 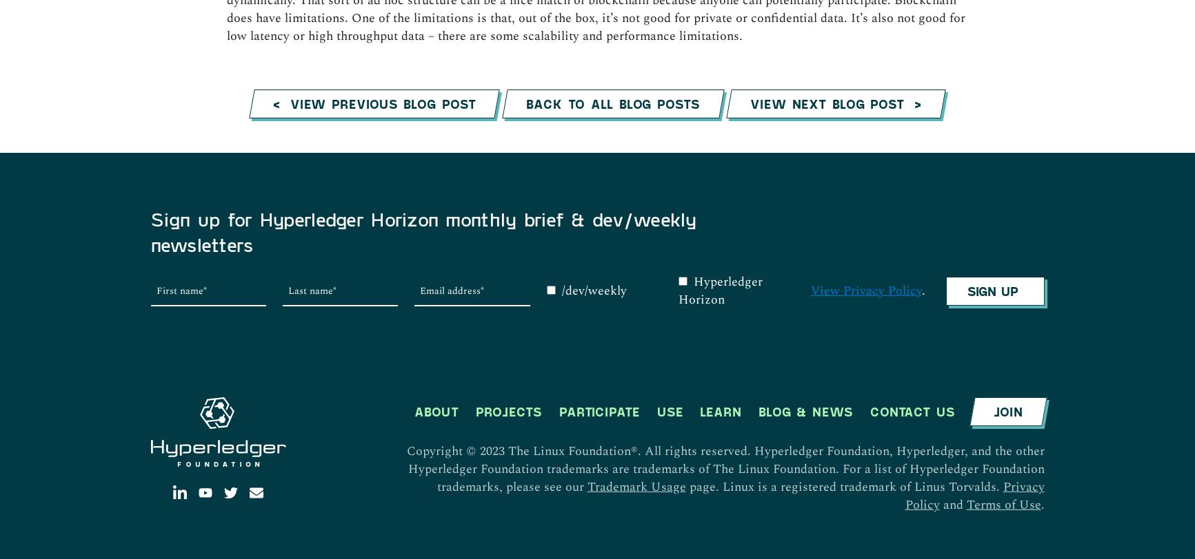 I want to click on 'Contact Us', so click(x=912, y=124).